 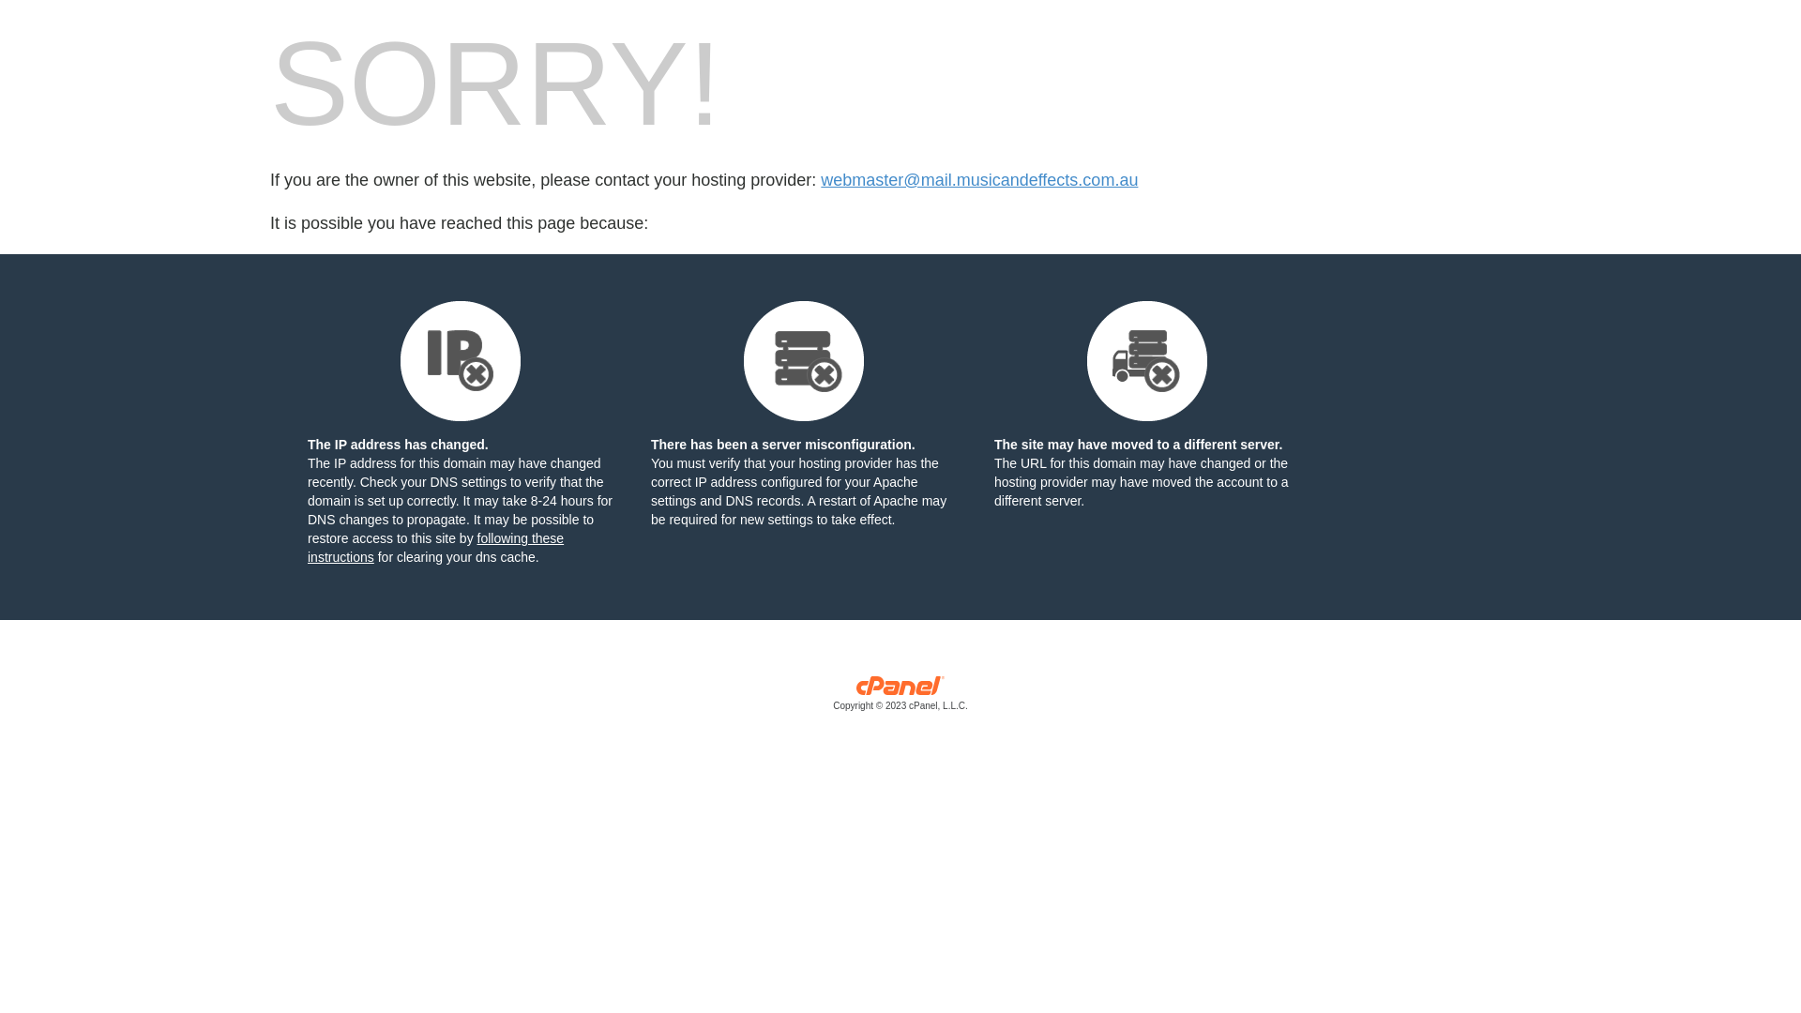 What do you see at coordinates (977, 180) in the screenshot?
I see `'webmaster@mail.musicandeffects.com.au'` at bounding box center [977, 180].